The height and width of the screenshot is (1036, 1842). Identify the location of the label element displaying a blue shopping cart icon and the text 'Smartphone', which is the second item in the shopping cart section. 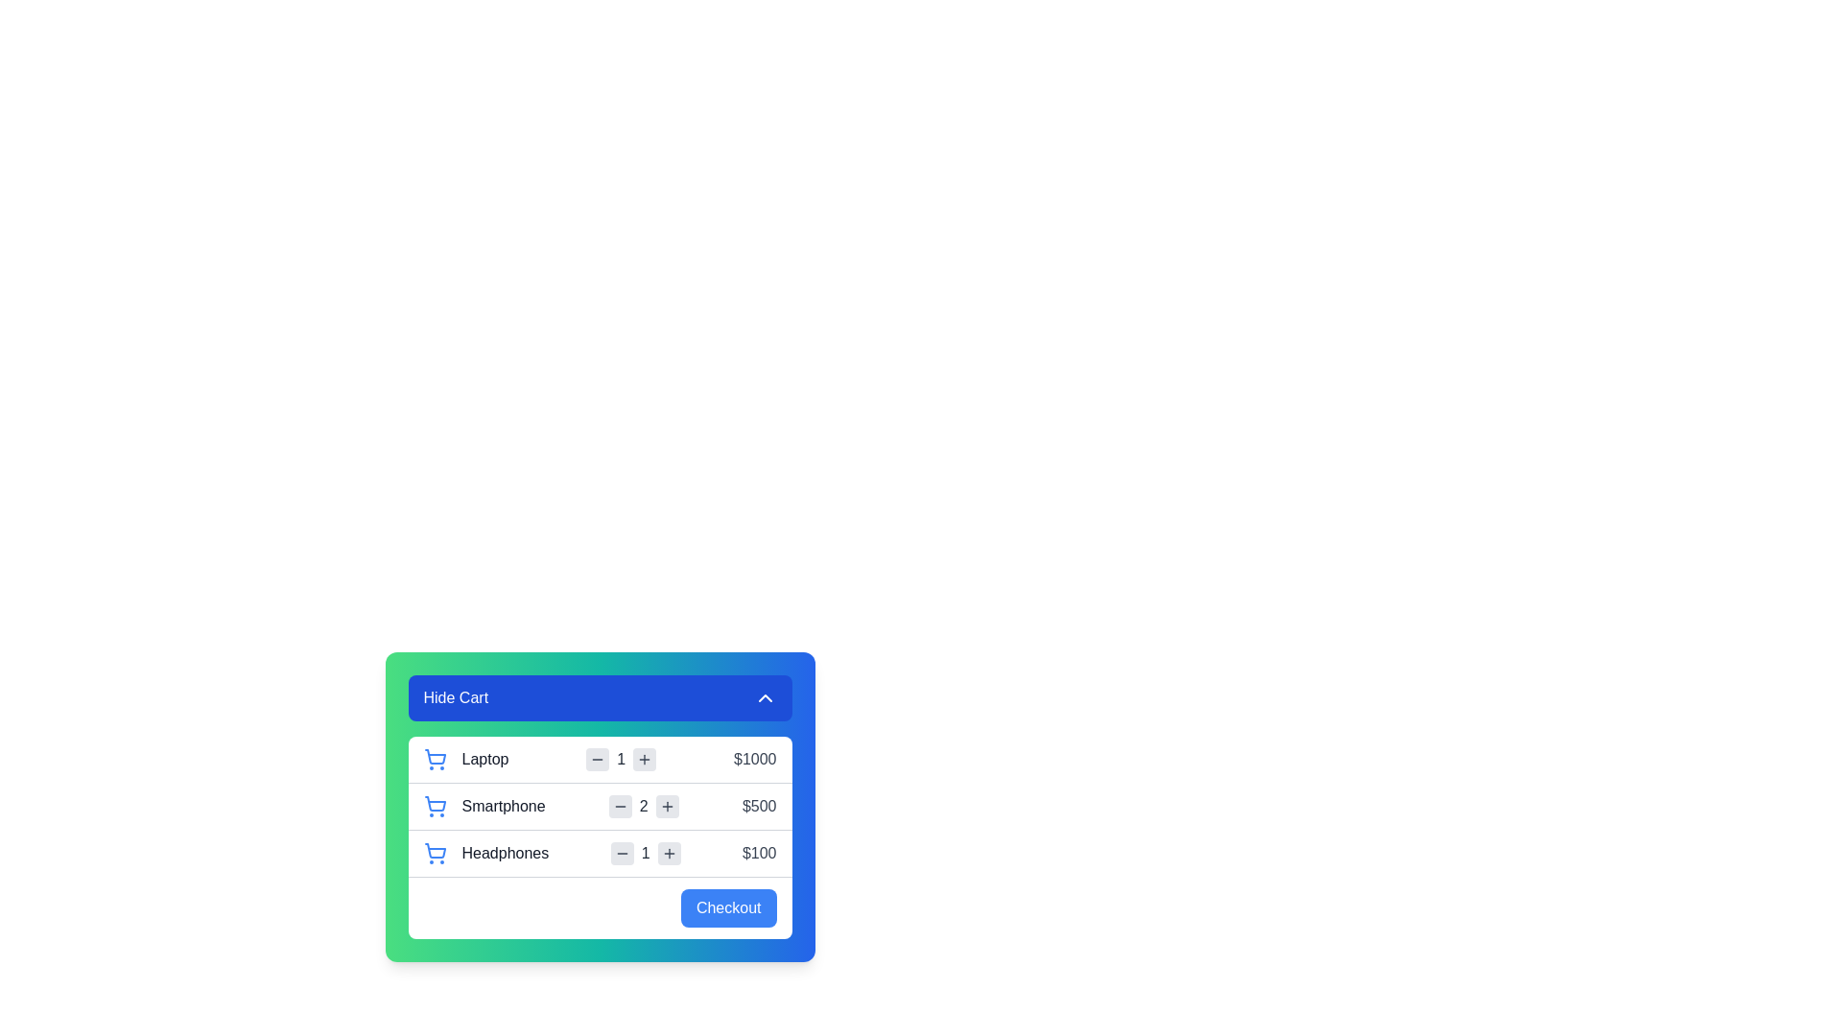
(484, 806).